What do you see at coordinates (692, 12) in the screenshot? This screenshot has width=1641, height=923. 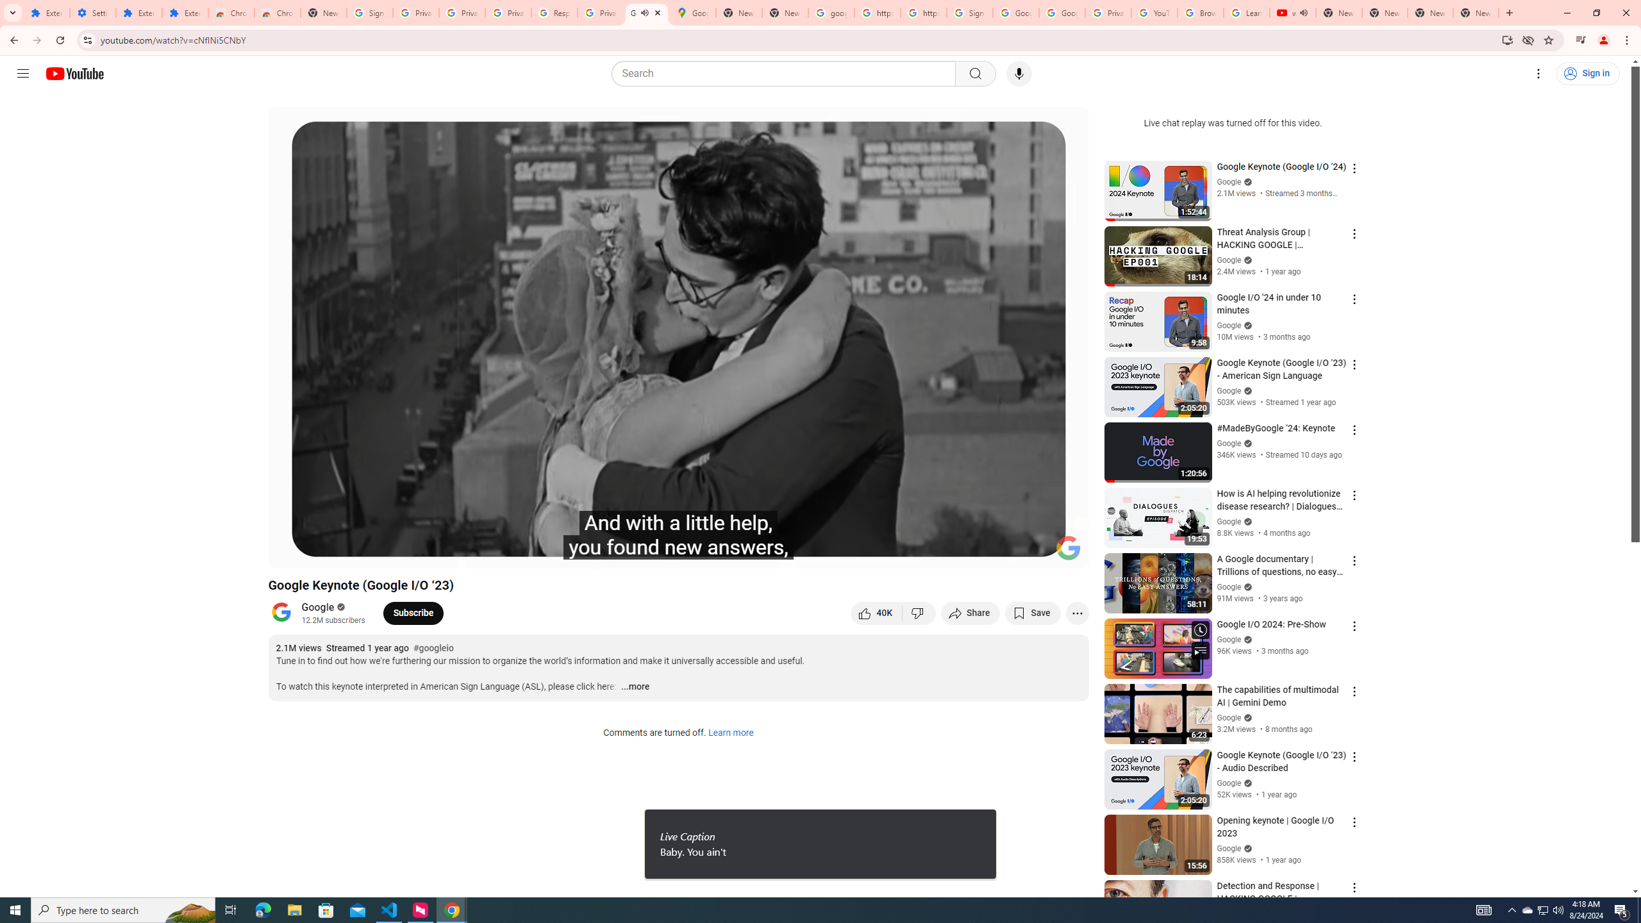 I see `'Google Maps'` at bounding box center [692, 12].